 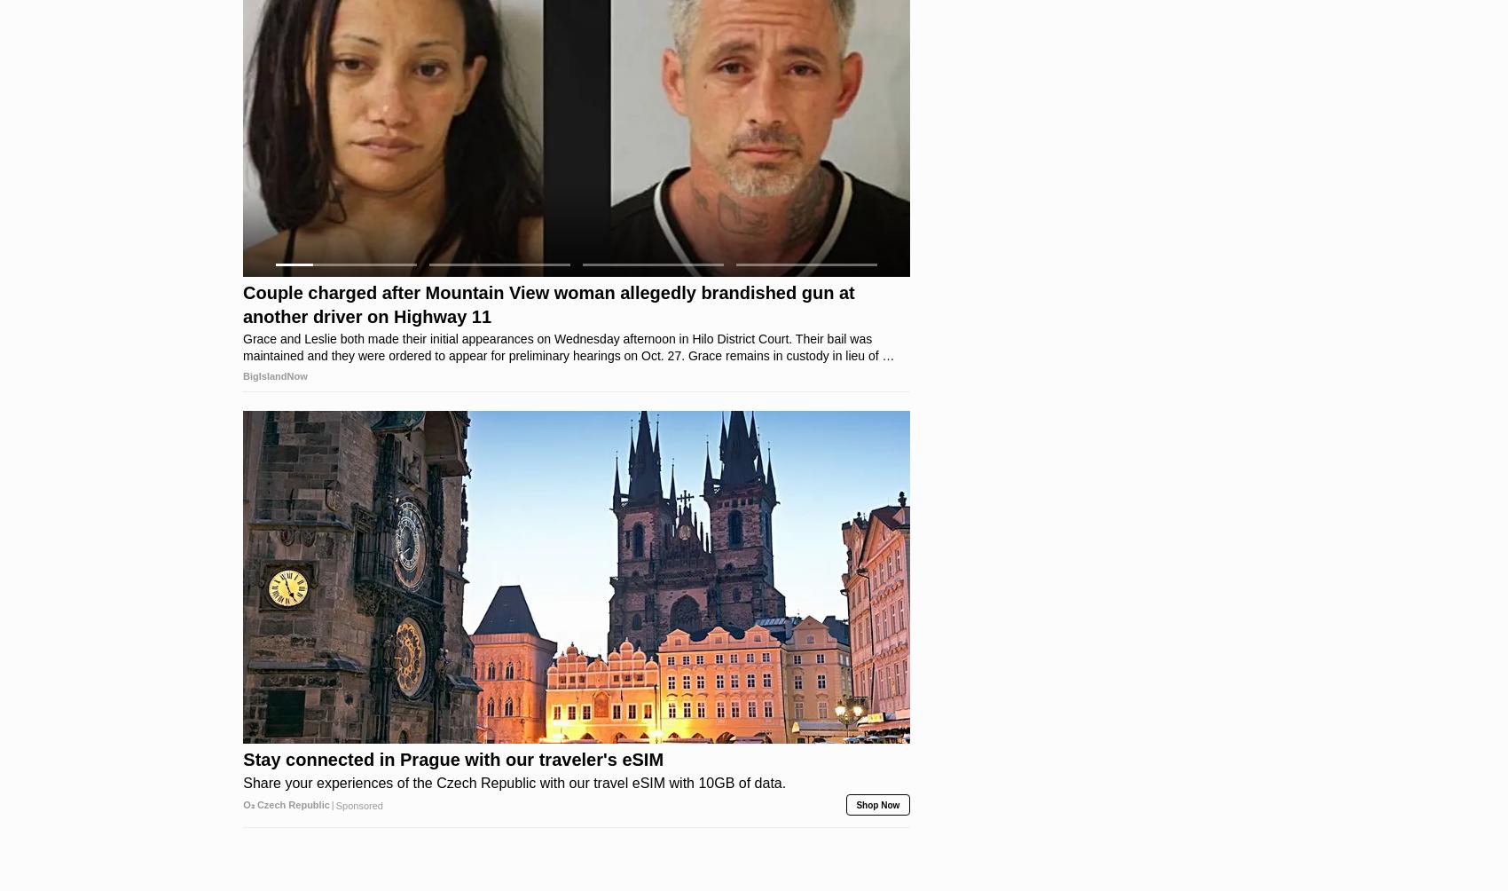 What do you see at coordinates (558, 304) in the screenshot?
I see `'A massive tidal wave, several thousand feet high, rearing up over Honolulu after a massive meteor strike in the Pacific Ocean.'` at bounding box center [558, 304].